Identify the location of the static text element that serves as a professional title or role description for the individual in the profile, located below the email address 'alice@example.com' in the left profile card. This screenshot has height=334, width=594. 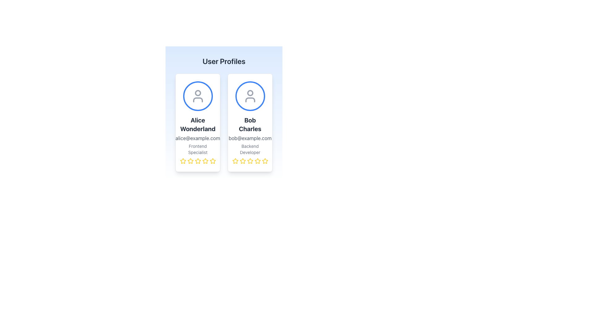
(197, 149).